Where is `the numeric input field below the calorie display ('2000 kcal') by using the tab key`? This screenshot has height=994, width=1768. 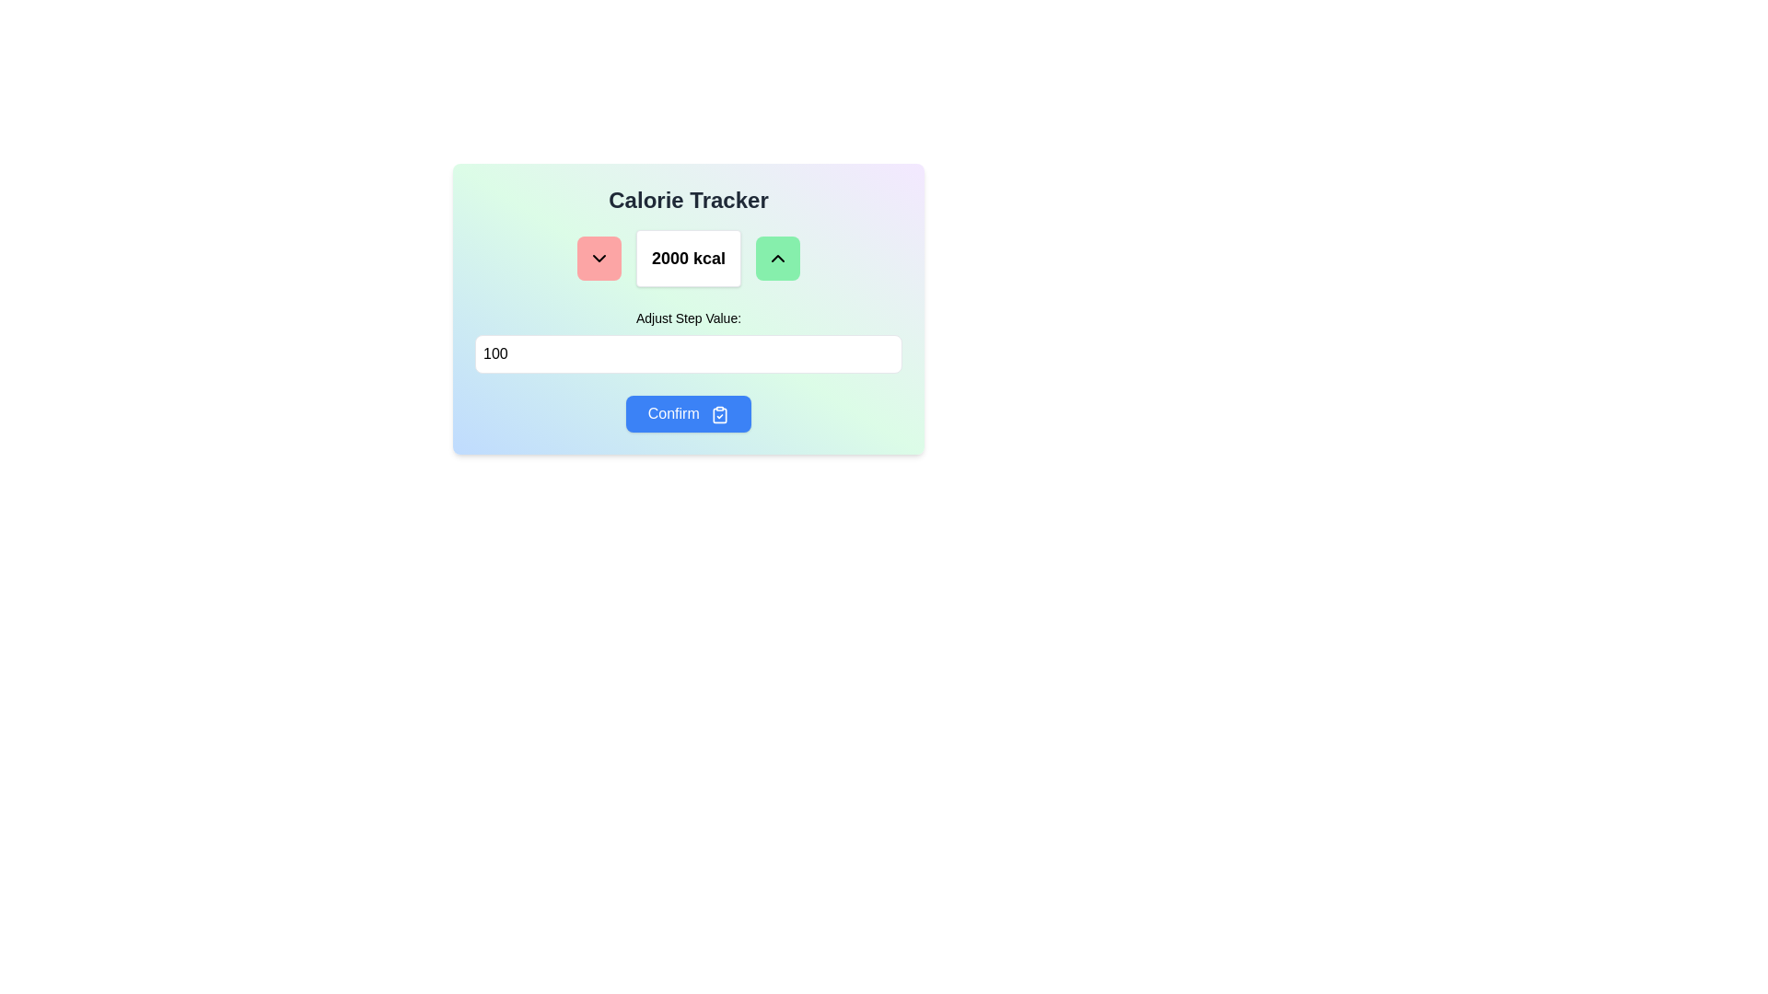 the numeric input field below the calorie display ('2000 kcal') by using the tab key is located at coordinates (688, 341).